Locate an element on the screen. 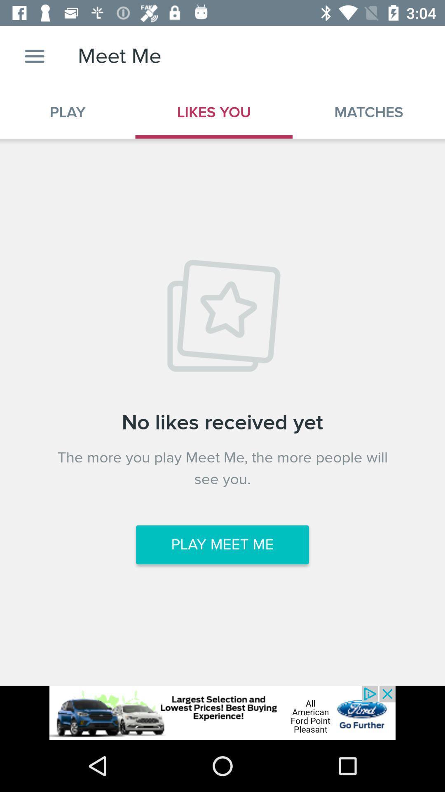 Image resolution: width=445 pixels, height=792 pixels. open menu is located at coordinates (34, 56).